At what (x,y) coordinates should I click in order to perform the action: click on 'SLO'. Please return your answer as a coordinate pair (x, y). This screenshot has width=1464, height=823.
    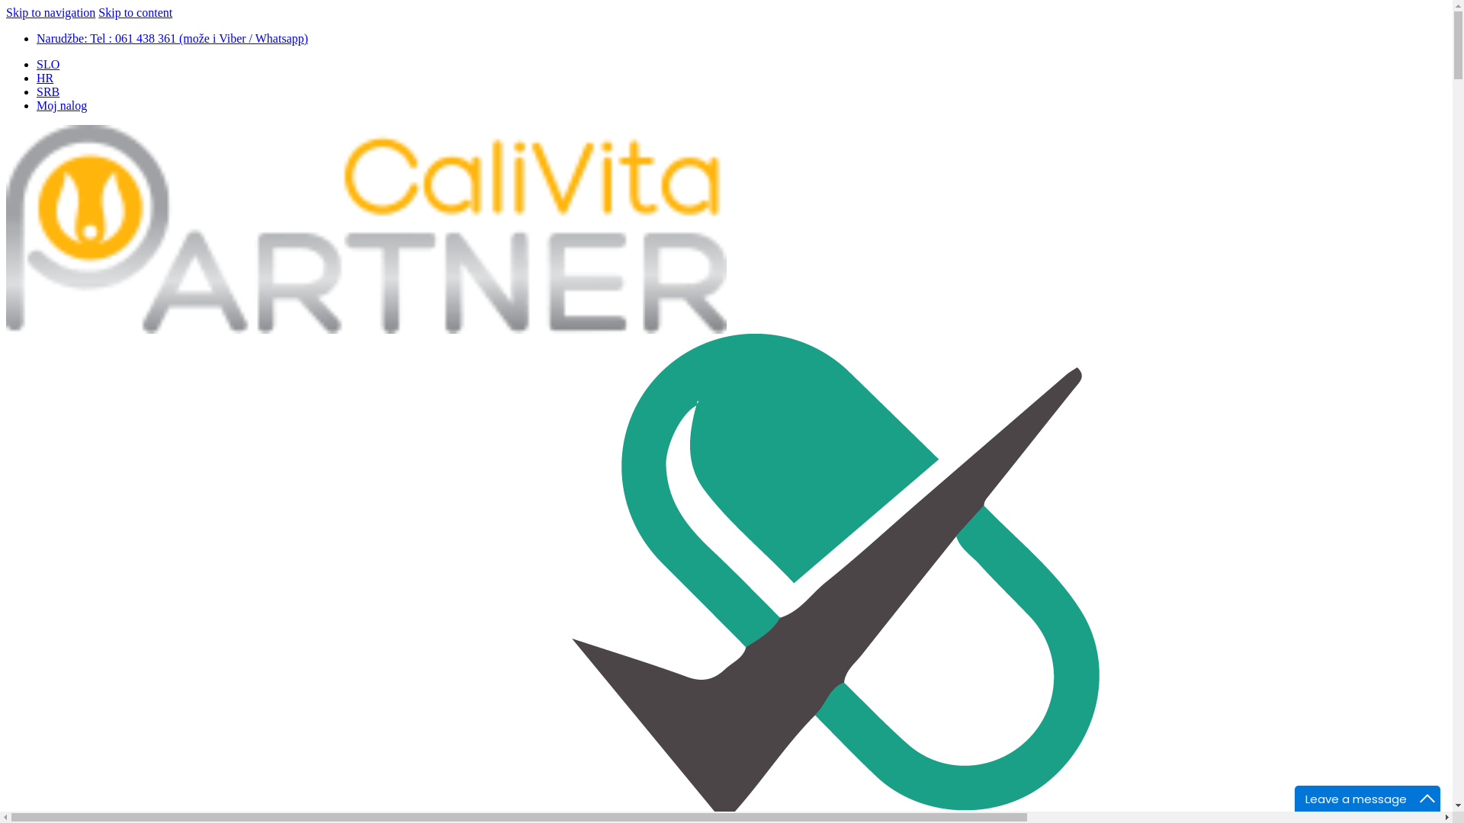
    Looking at the image, I should click on (47, 63).